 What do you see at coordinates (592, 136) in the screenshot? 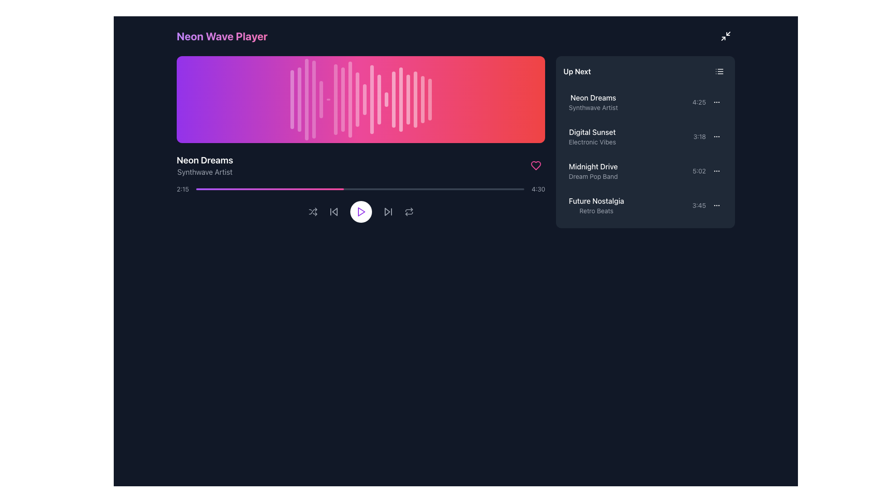
I see `the 'Digital Sunset' text label` at bounding box center [592, 136].